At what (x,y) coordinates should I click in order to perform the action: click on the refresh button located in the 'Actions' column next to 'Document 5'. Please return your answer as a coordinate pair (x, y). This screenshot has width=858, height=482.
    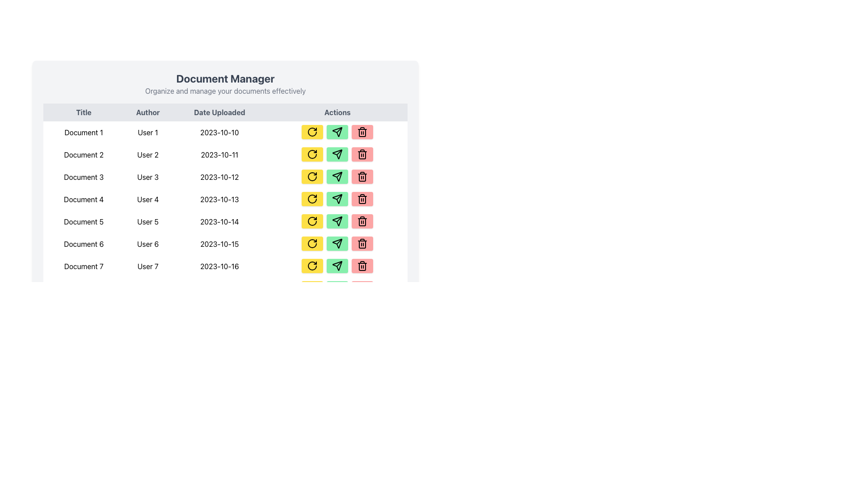
    Looking at the image, I should click on (312, 221).